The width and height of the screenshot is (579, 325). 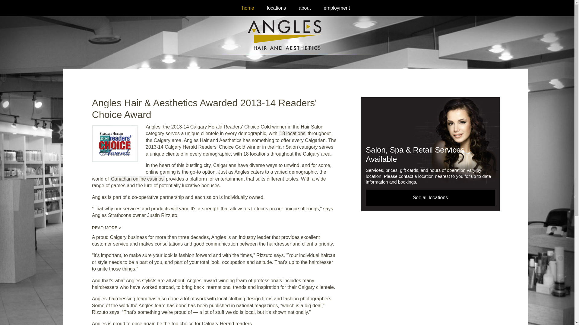 I want to click on 'See all locations', so click(x=430, y=197).